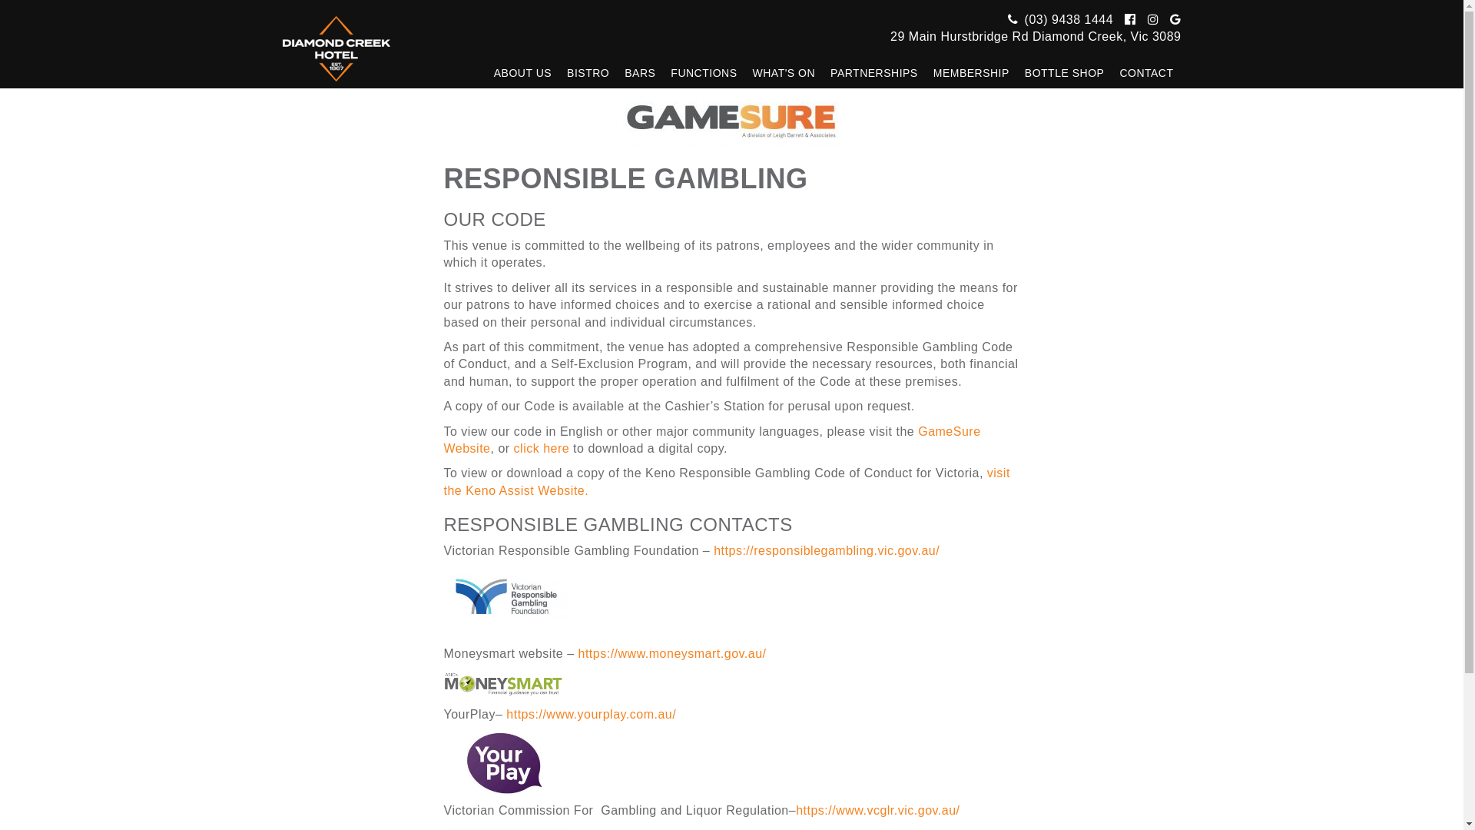  What do you see at coordinates (1146, 73) in the screenshot?
I see `'CONTACT'` at bounding box center [1146, 73].